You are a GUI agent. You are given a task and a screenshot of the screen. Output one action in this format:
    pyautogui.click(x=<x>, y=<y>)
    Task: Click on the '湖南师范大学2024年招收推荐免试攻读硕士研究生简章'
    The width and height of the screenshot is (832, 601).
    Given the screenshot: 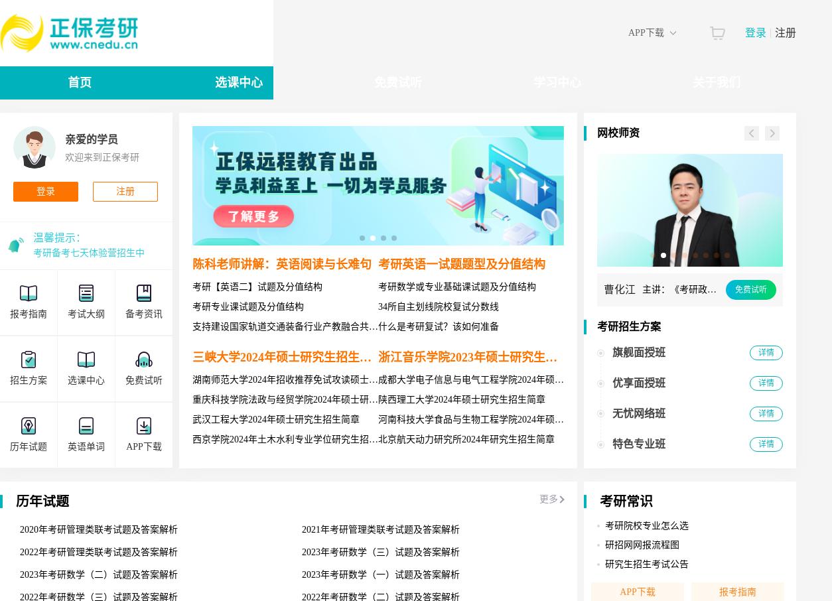 What is the action you would take?
    pyautogui.click(x=303, y=379)
    